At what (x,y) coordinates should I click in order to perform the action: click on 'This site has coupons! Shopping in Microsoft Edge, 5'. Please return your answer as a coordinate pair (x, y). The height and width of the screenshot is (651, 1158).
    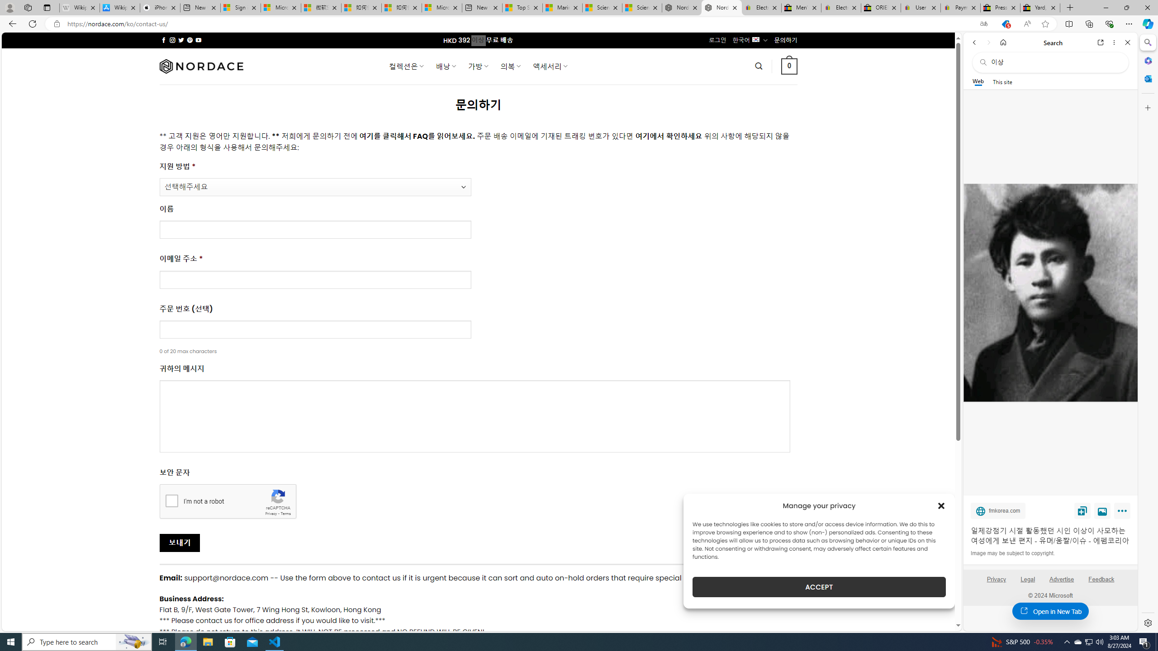
    Looking at the image, I should click on (1005, 24).